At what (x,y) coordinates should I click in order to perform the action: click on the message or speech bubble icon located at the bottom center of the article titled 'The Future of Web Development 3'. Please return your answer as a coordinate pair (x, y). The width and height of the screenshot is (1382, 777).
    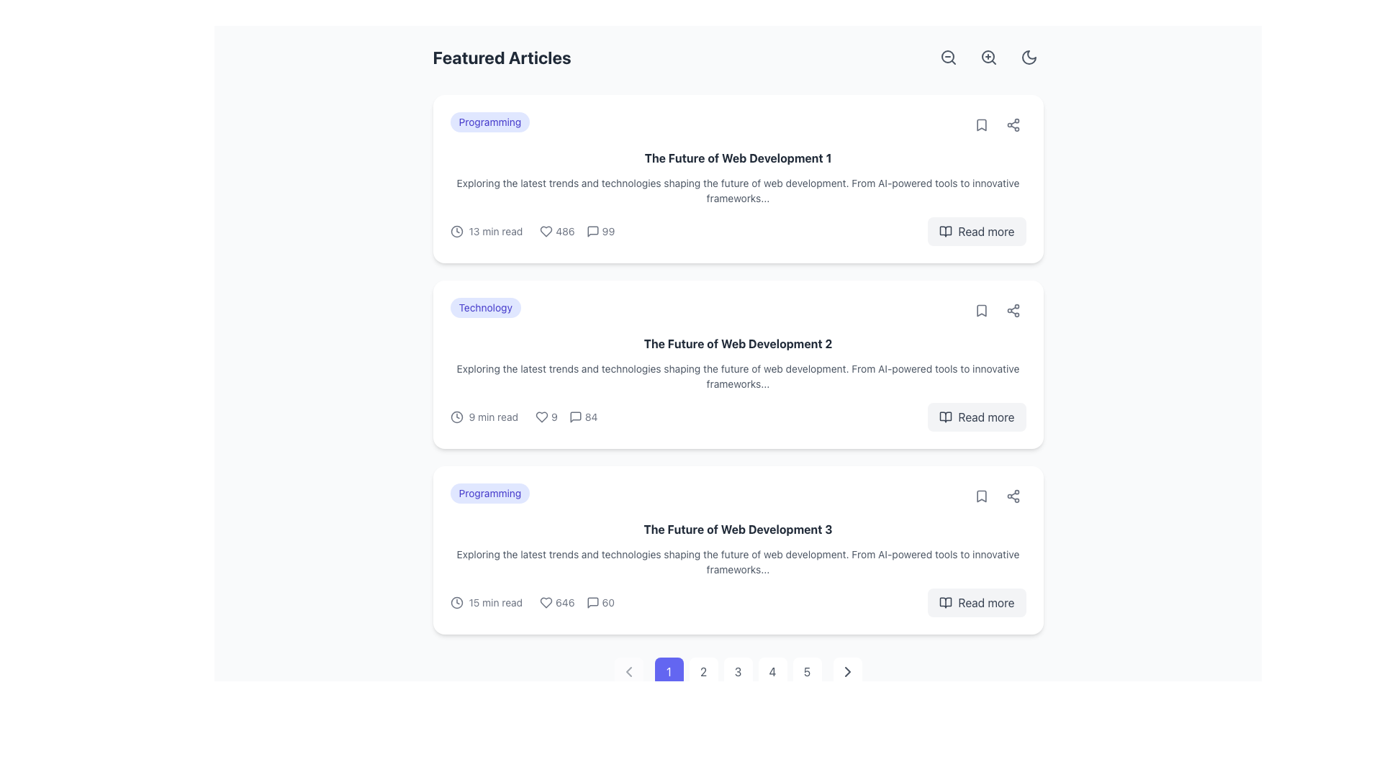
    Looking at the image, I should click on (592, 602).